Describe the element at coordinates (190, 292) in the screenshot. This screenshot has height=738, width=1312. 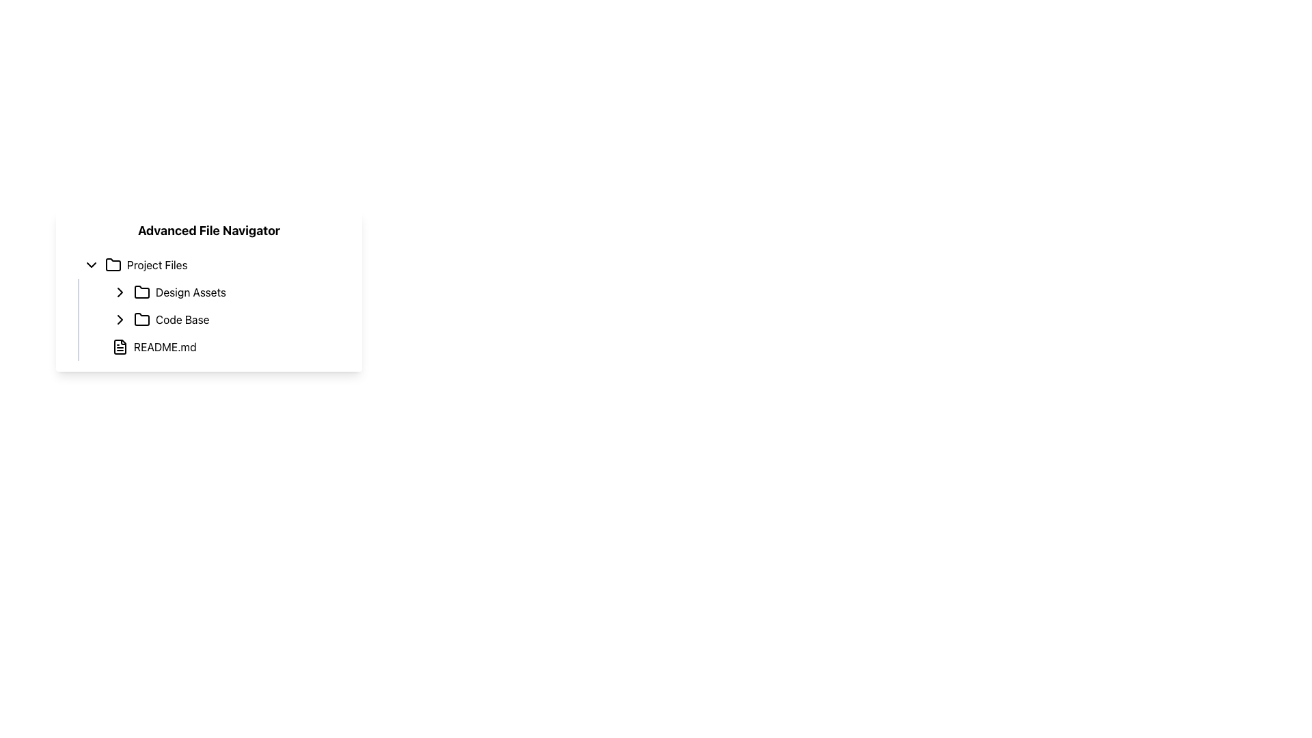
I see `the static text label 'Design Assets' in the hierarchical file navigator interface` at that location.